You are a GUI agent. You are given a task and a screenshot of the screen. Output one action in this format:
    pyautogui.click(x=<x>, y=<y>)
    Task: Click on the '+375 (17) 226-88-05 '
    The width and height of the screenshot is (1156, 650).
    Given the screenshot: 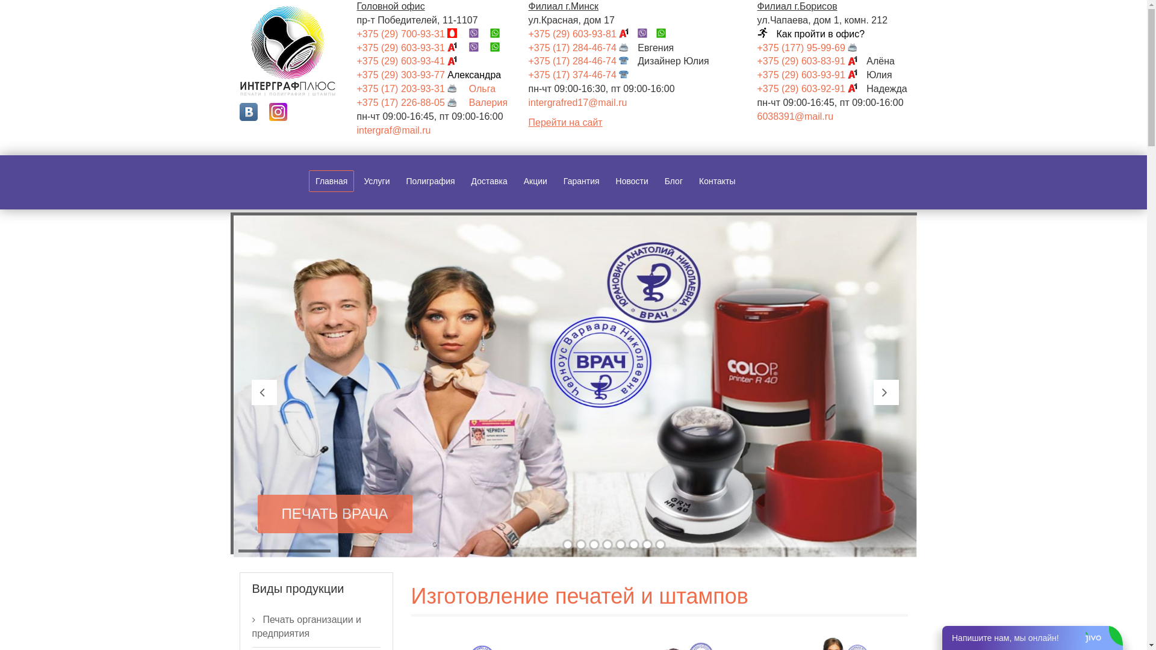 What is the action you would take?
    pyautogui.click(x=411, y=102)
    